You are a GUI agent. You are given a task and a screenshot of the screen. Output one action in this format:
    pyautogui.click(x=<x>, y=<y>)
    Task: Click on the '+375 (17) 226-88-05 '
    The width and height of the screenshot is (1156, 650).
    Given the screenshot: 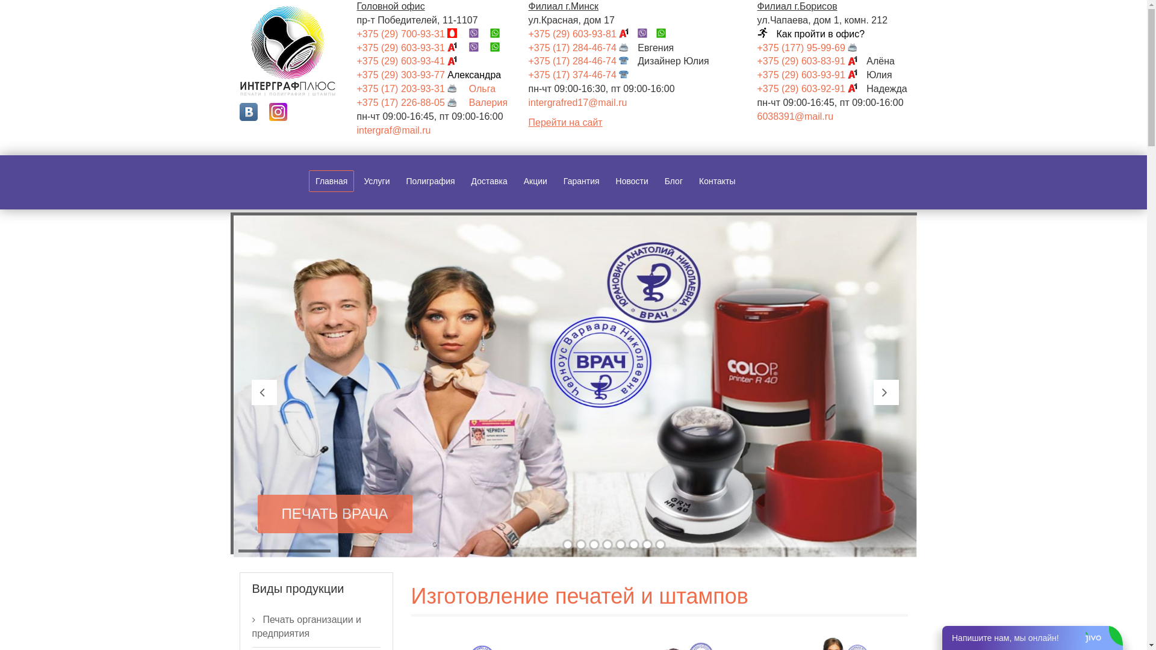 What is the action you would take?
    pyautogui.click(x=411, y=102)
    